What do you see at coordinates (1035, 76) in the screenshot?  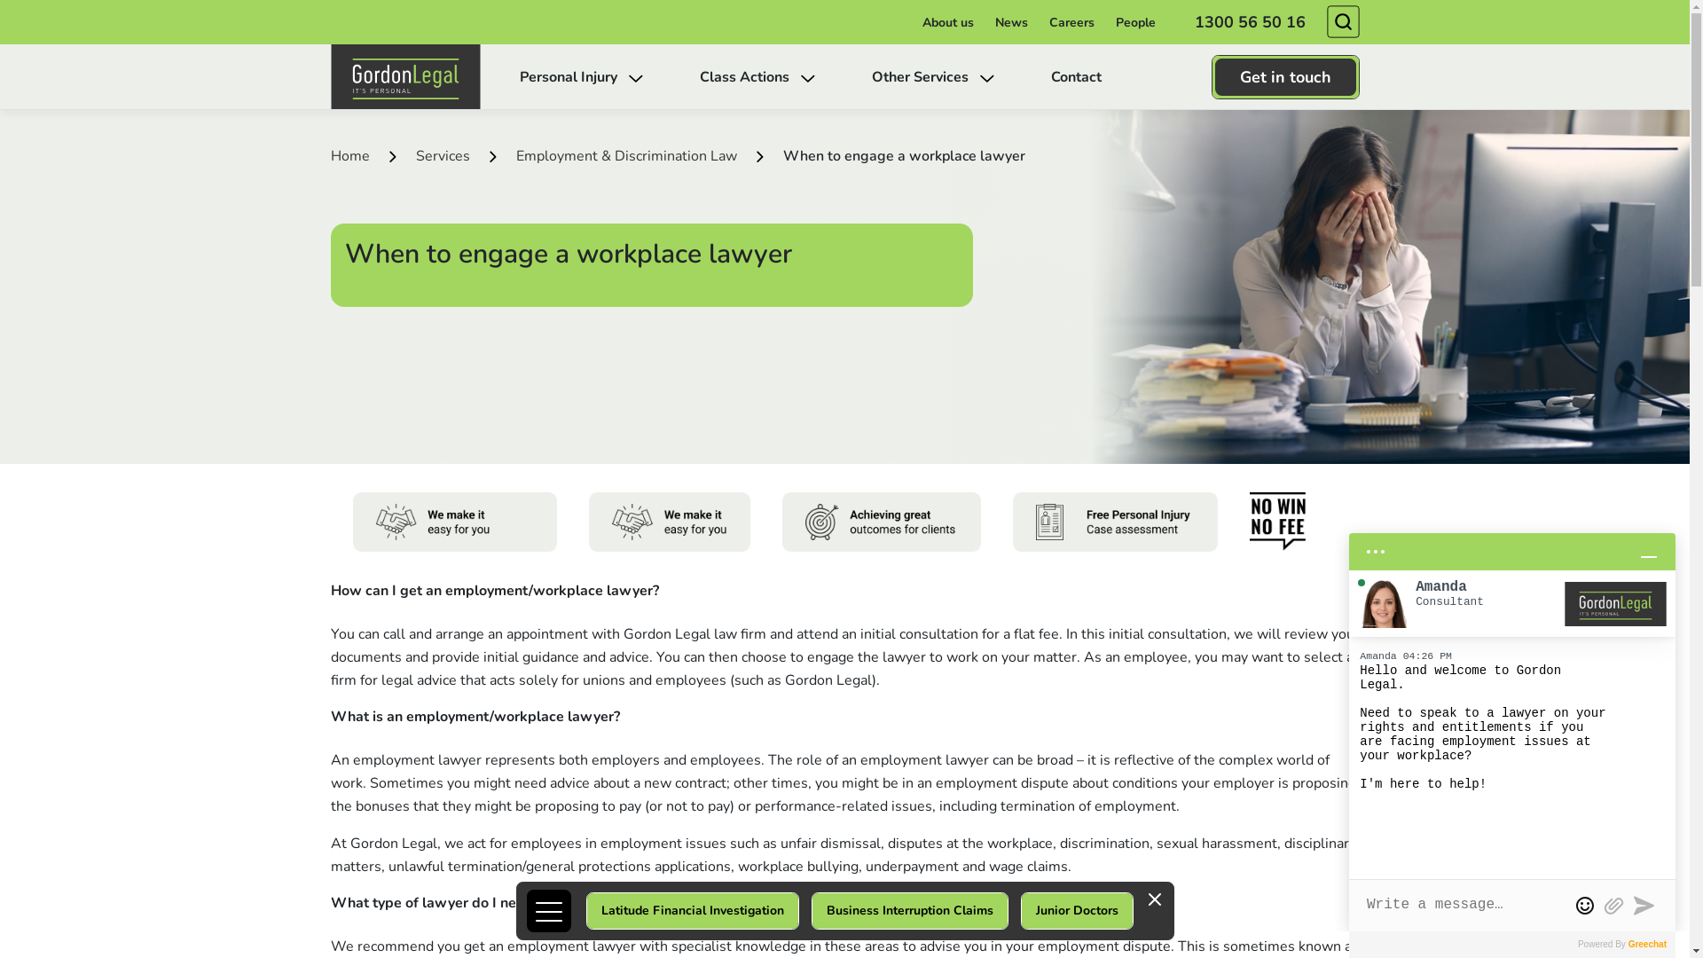 I see `'Contact'` at bounding box center [1035, 76].